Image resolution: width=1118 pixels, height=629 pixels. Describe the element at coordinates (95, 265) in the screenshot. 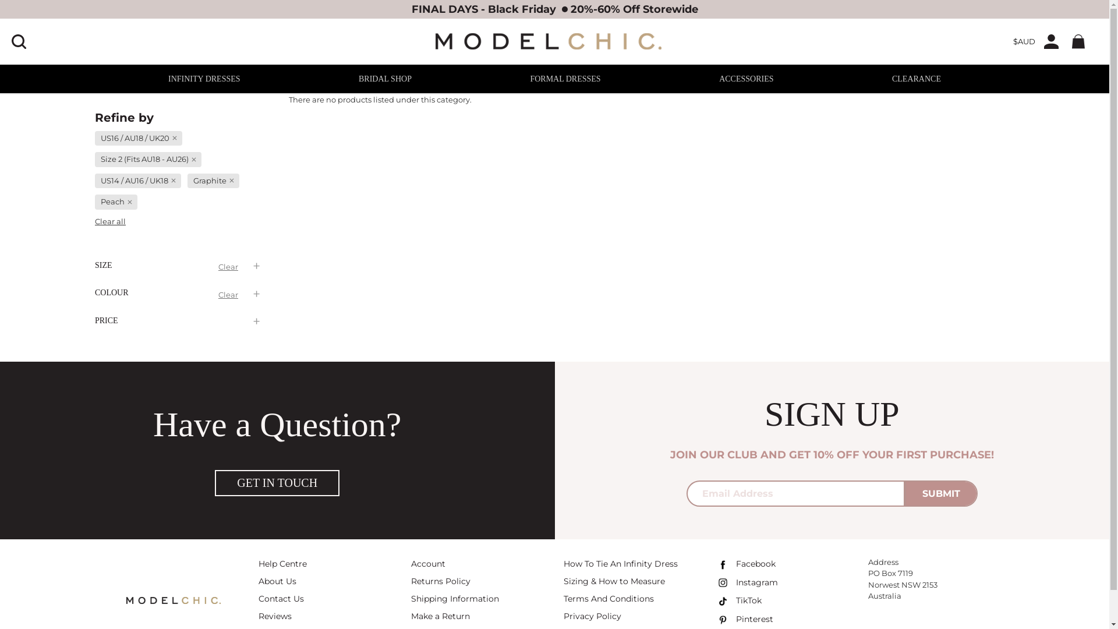

I see `'SIZE'` at that location.